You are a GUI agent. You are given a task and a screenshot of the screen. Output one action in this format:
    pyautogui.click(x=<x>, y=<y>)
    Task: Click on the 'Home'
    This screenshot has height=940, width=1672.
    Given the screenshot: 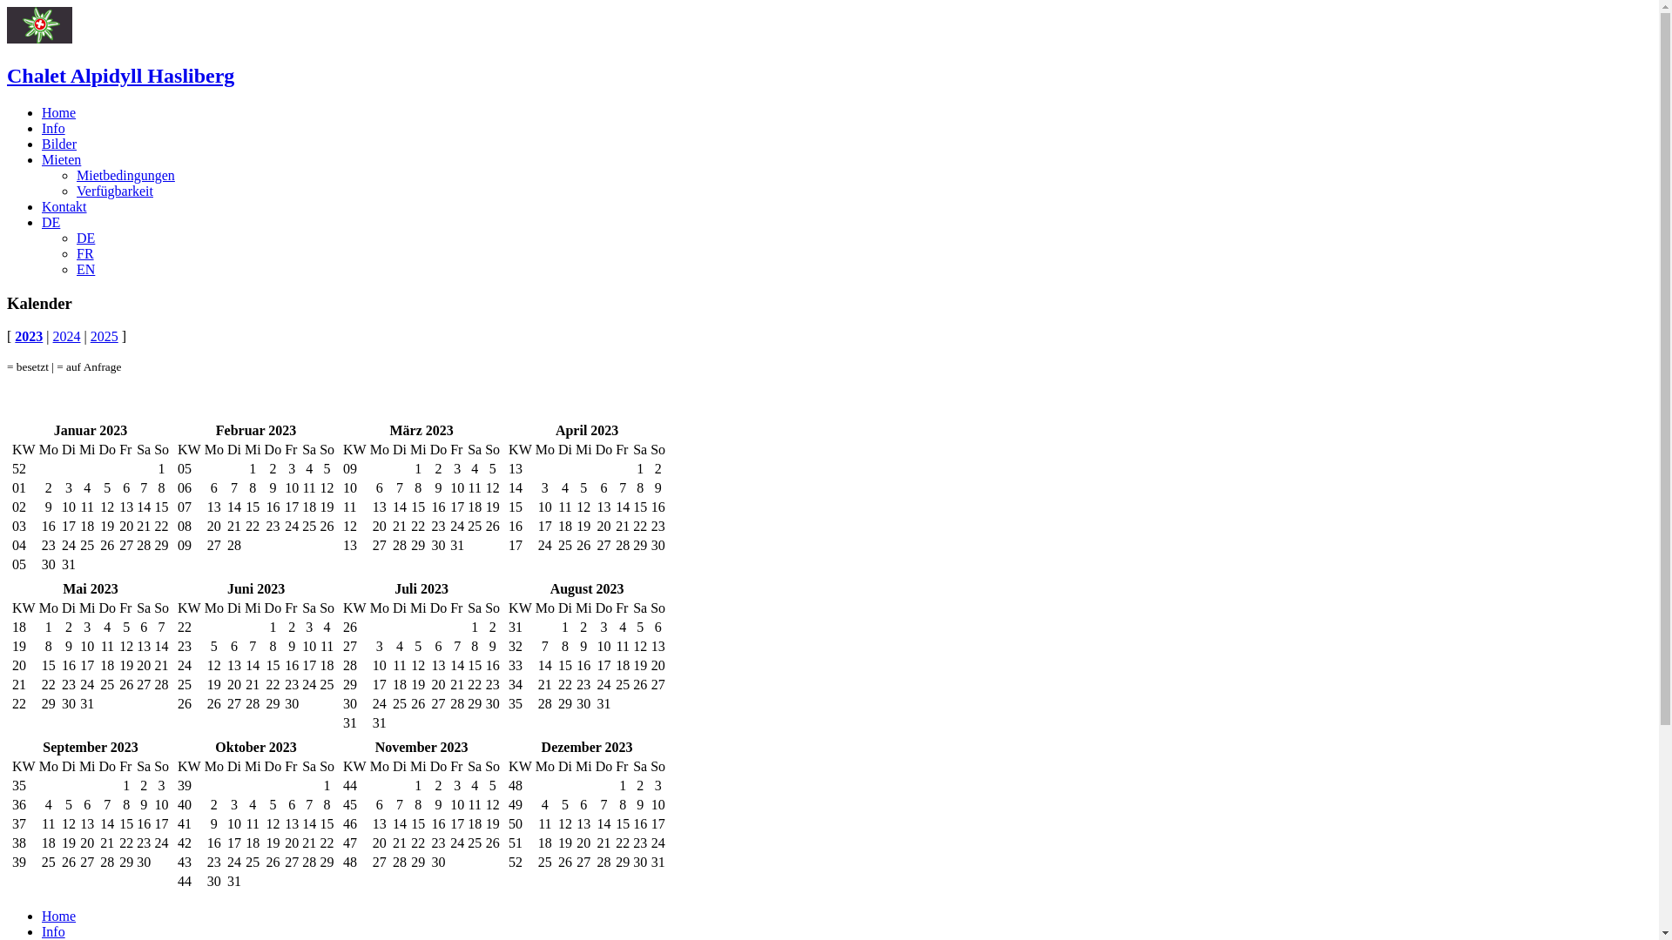 What is the action you would take?
    pyautogui.click(x=58, y=112)
    